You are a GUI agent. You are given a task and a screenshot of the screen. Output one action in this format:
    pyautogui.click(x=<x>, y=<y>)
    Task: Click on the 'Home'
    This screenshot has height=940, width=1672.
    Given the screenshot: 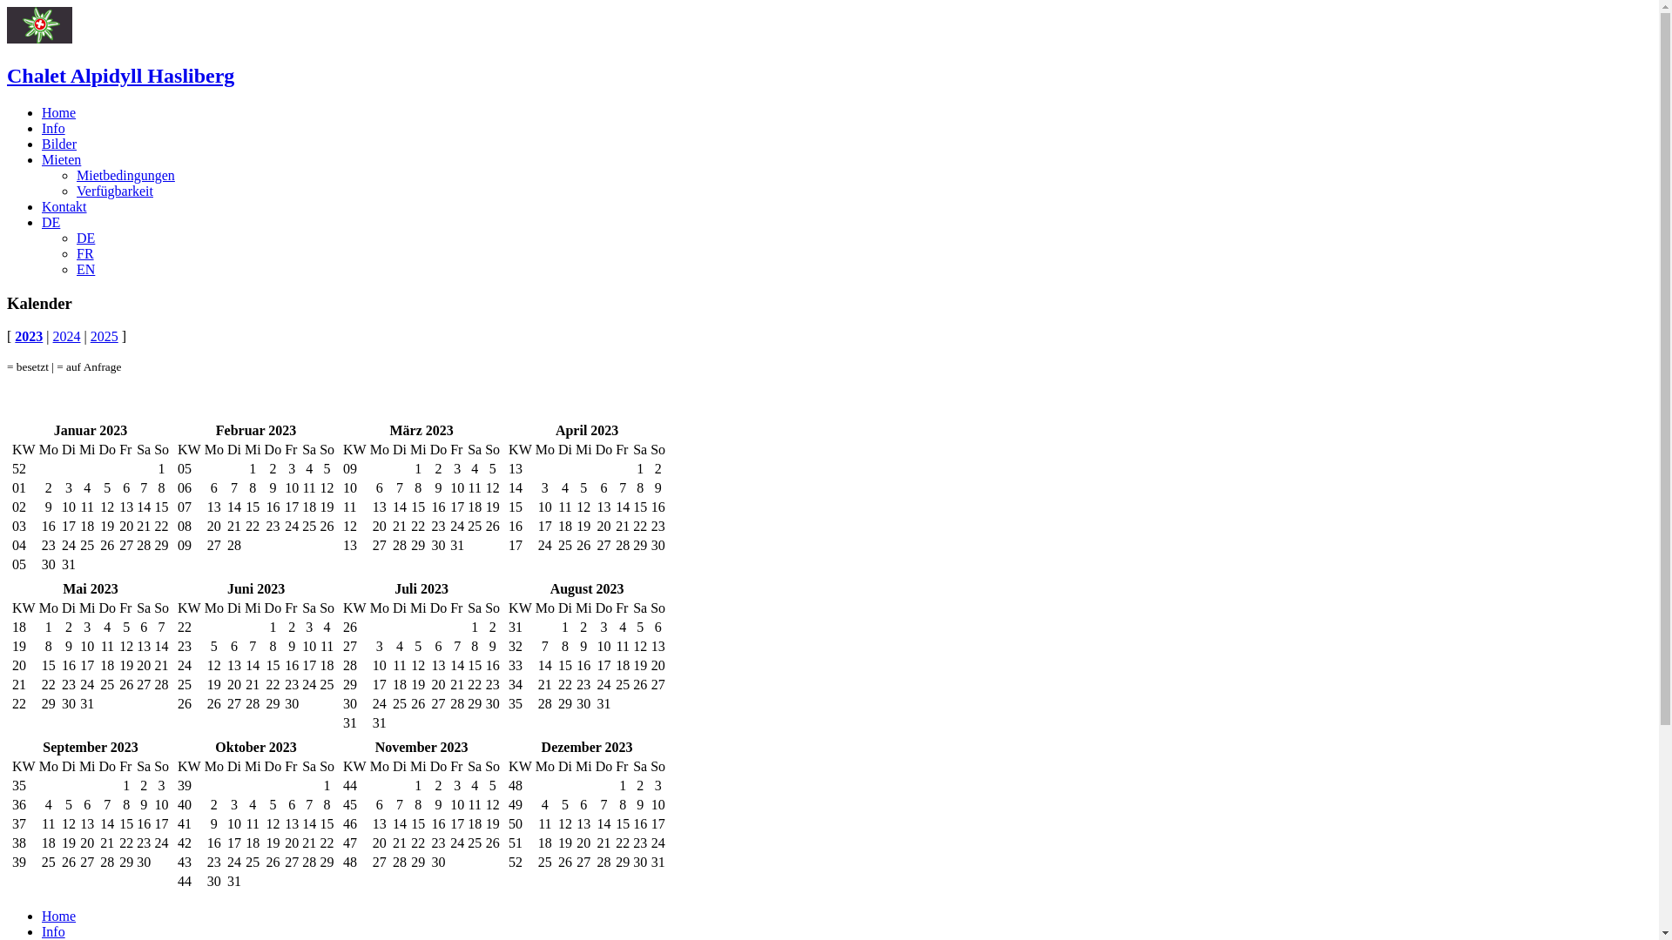 What is the action you would take?
    pyautogui.click(x=58, y=112)
    